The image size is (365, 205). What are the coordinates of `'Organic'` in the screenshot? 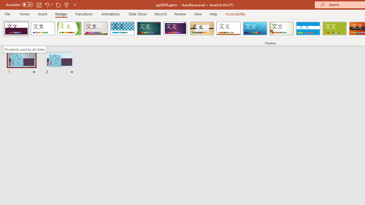 It's located at (202, 28).